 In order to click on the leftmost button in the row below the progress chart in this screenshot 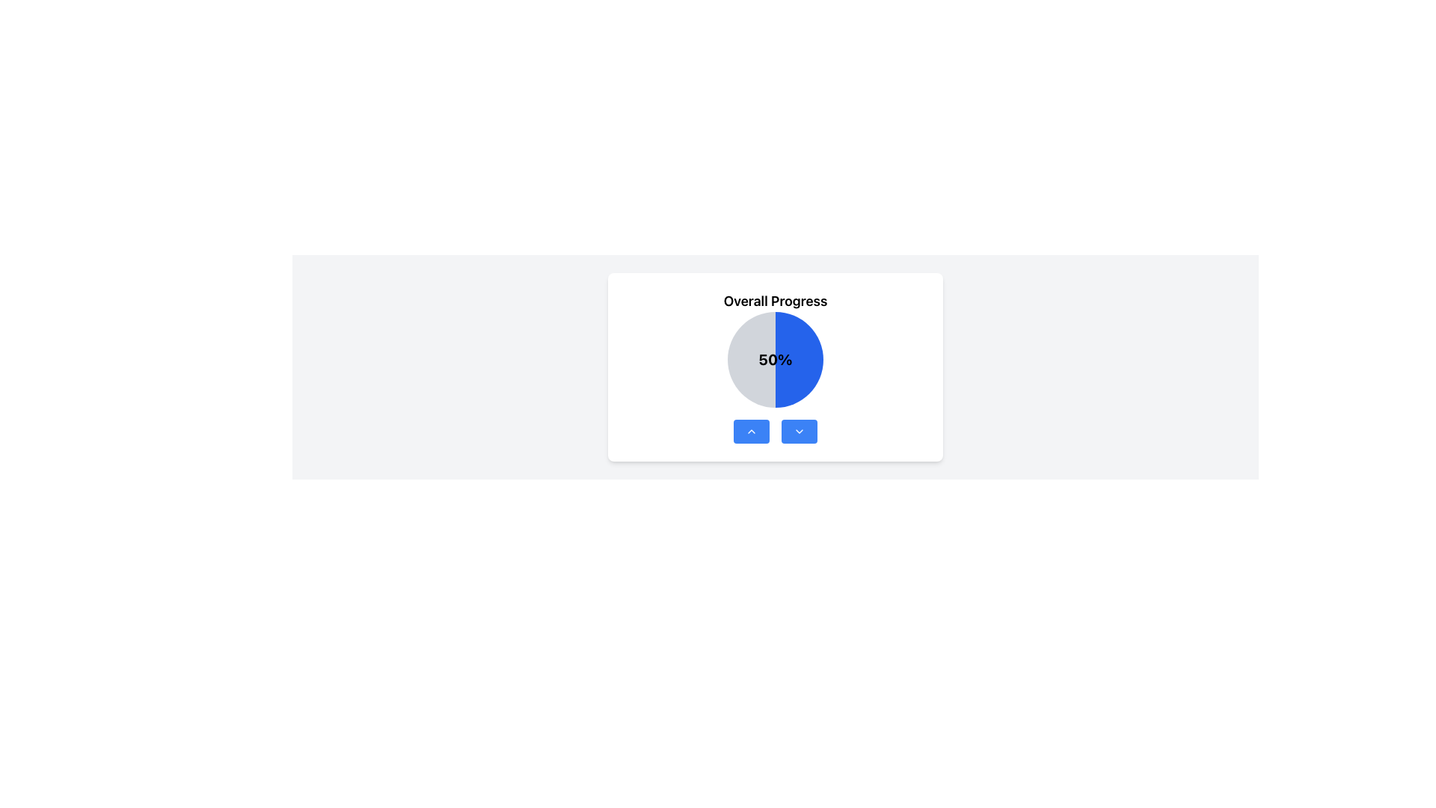, I will do `click(751, 432)`.